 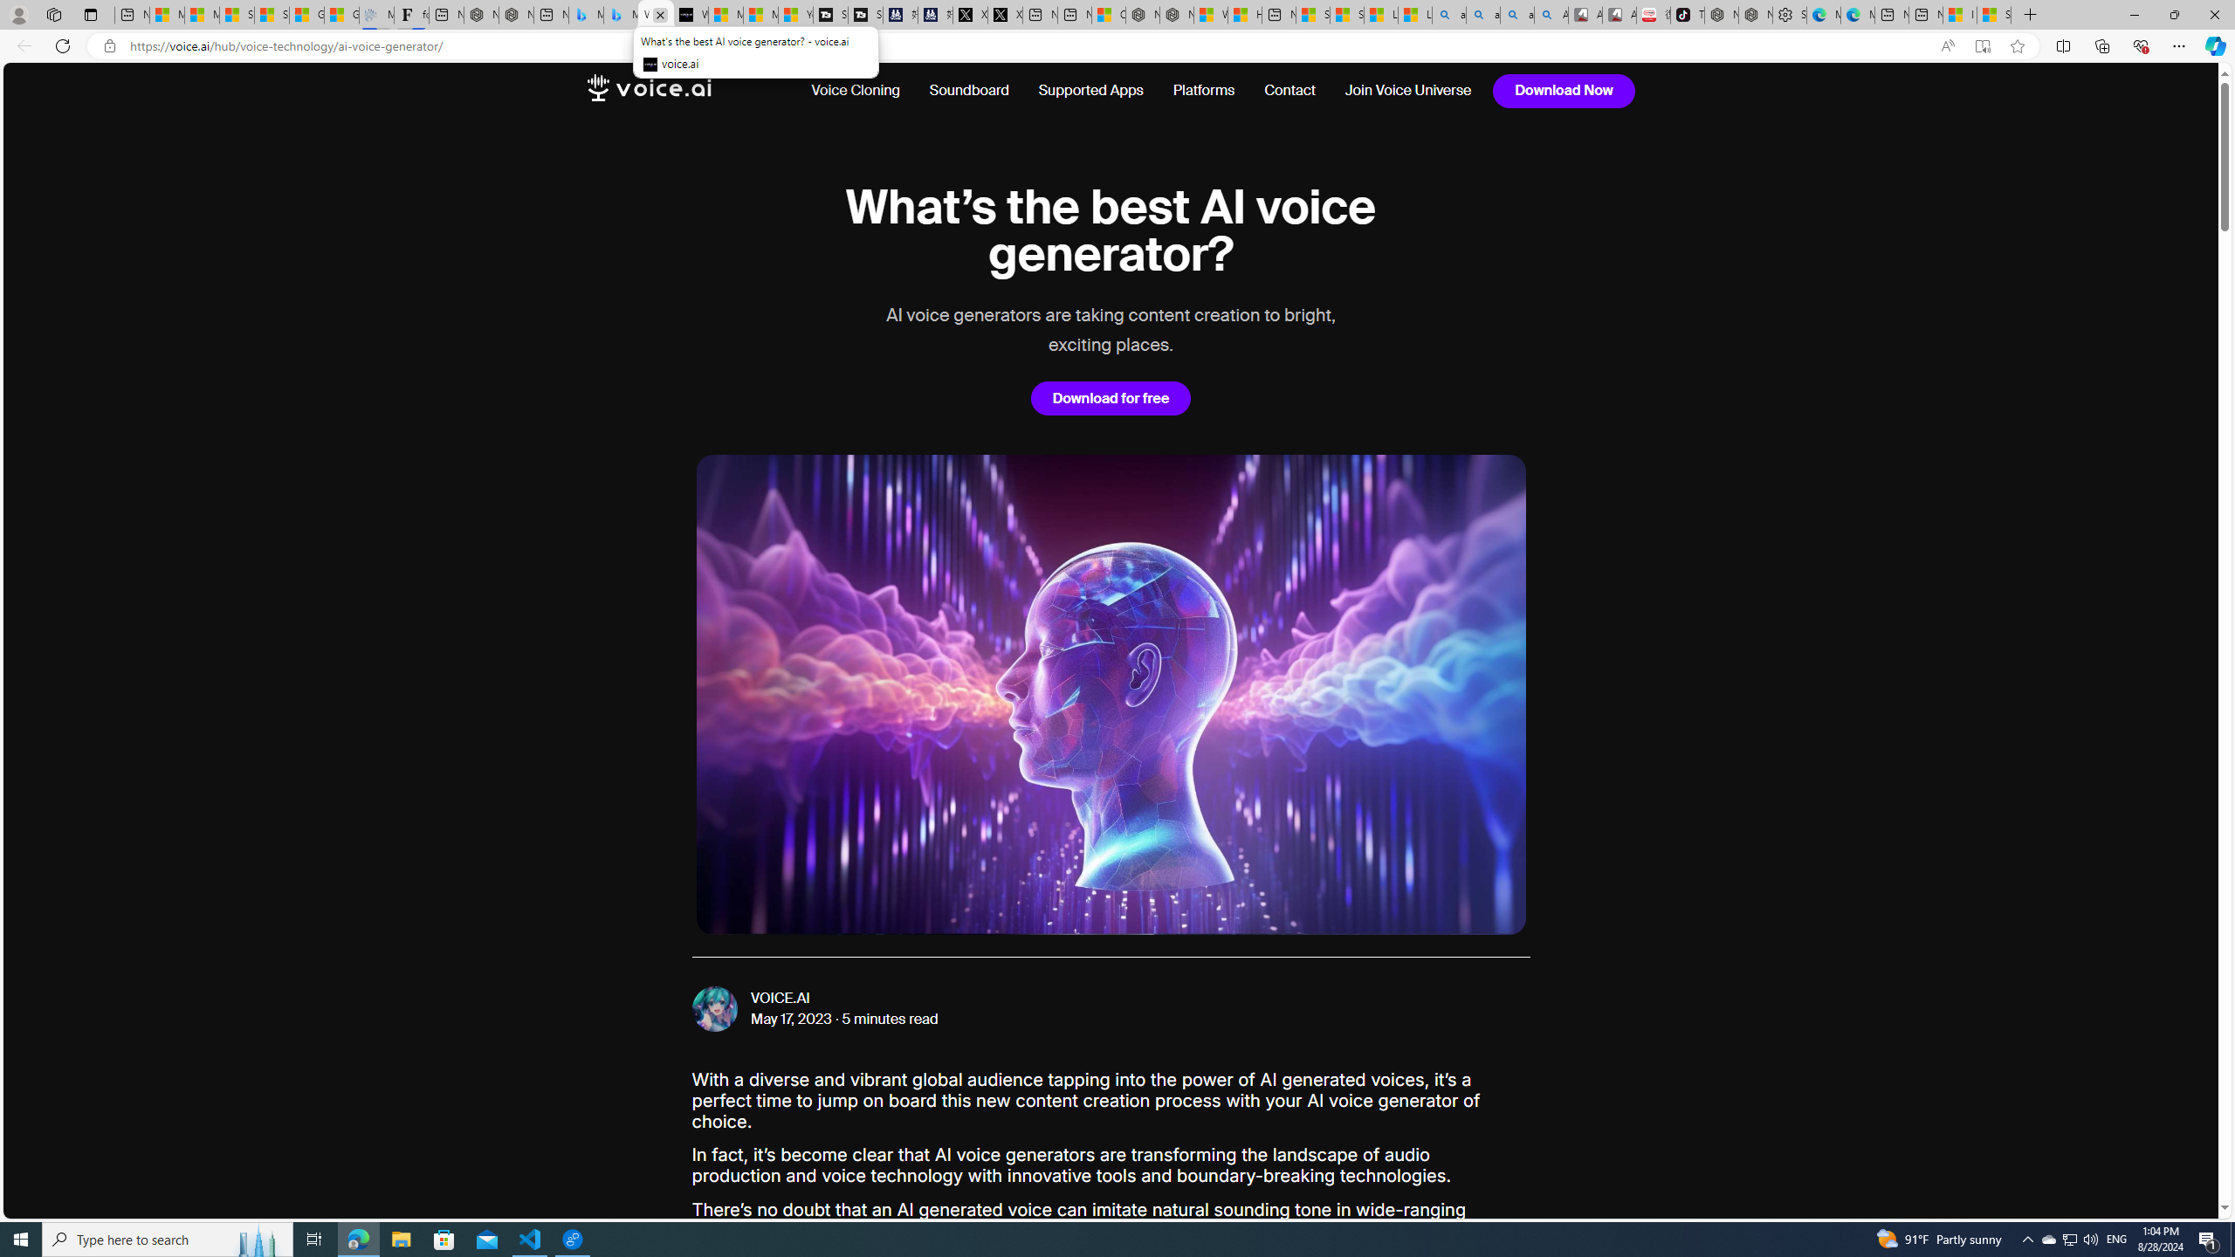 What do you see at coordinates (1409, 90) in the screenshot?
I see `'Join Voice Universe'` at bounding box center [1409, 90].